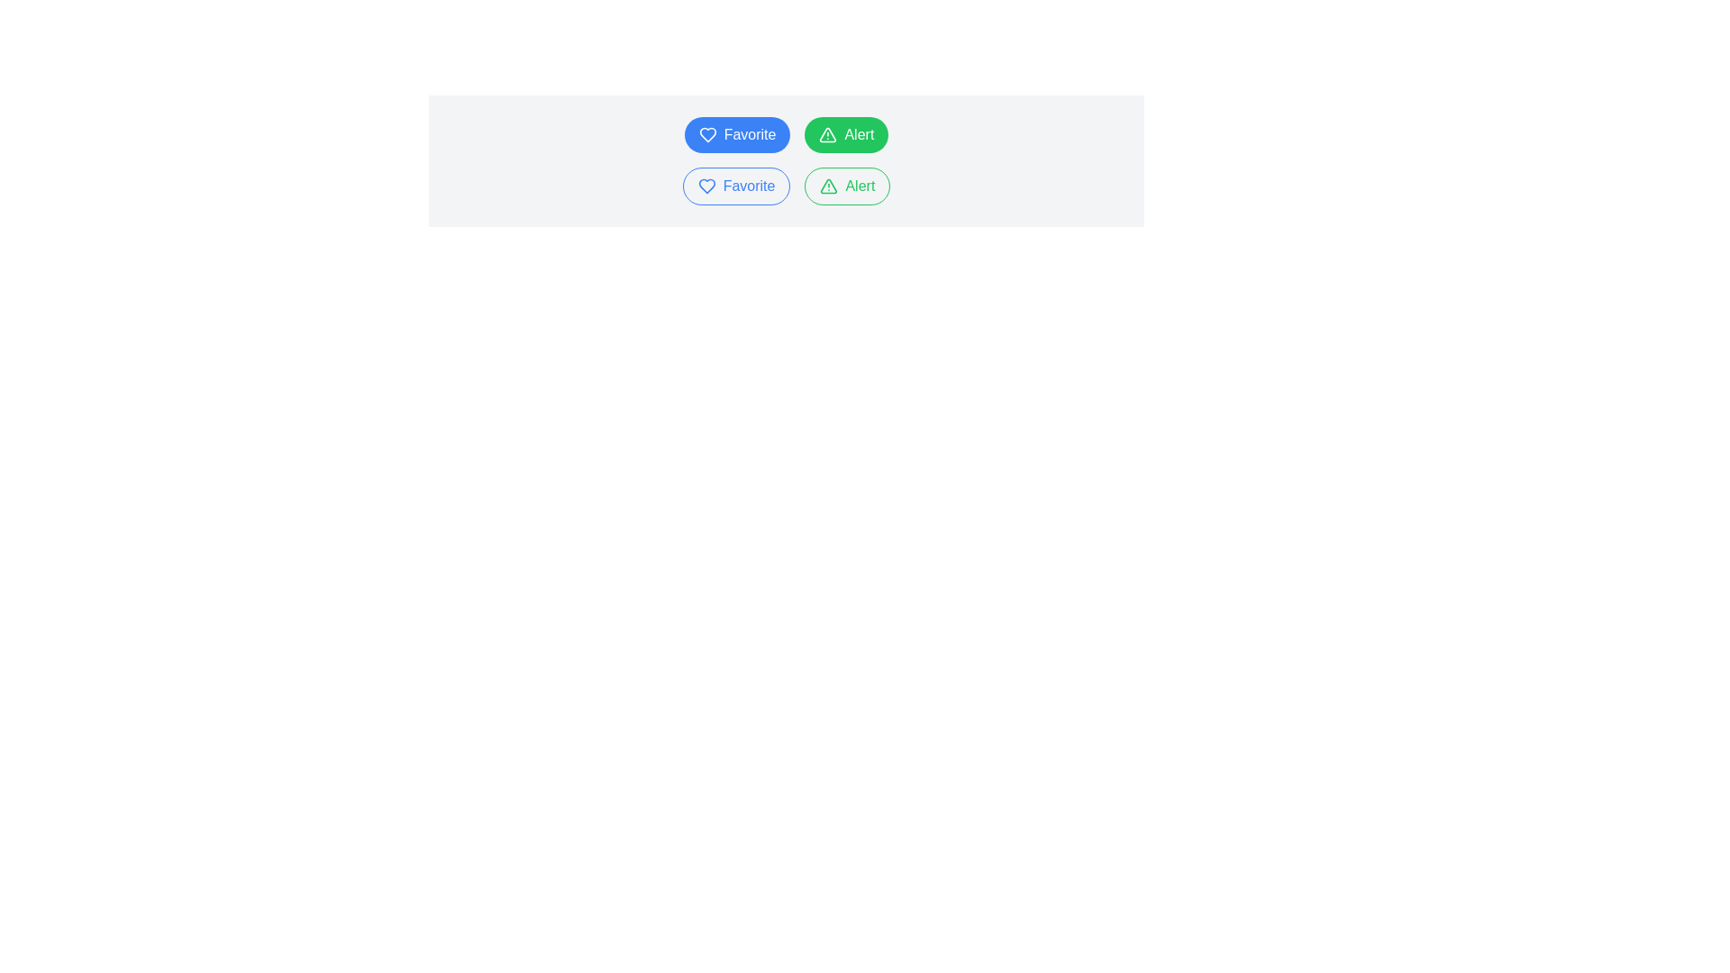  What do you see at coordinates (858, 134) in the screenshot?
I see `text label within the green button that informs users about alerts or warnings for accessibility information` at bounding box center [858, 134].